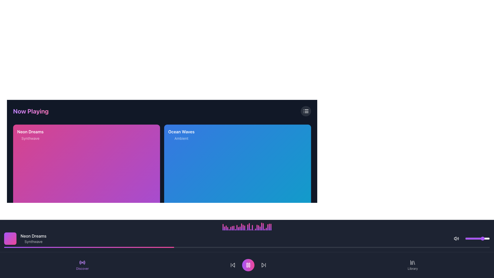  Describe the element at coordinates (268, 226) in the screenshot. I see `the 31st vertical bar in the audio visualization waveform element located in the bottom section of the interface above the playback controls` at that location.